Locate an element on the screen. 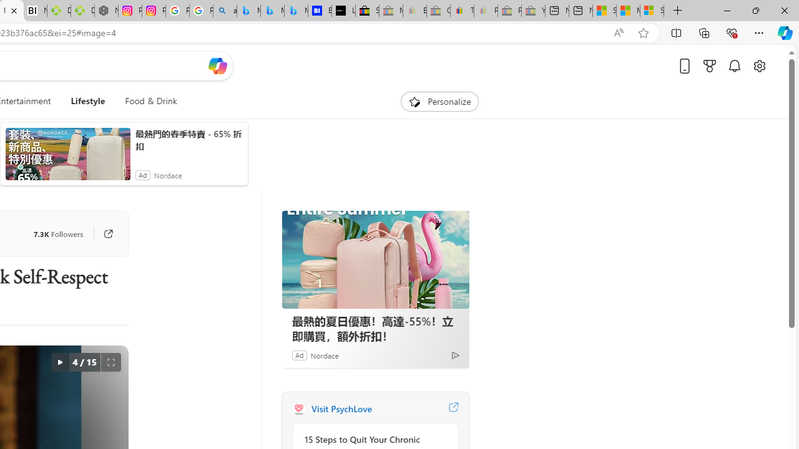 The height and width of the screenshot is (449, 799). 'PsychLove' is located at coordinates (298, 408).